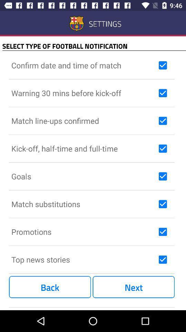 This screenshot has width=186, height=332. Describe the element at coordinates (83, 232) in the screenshot. I see `promotions icon` at that location.